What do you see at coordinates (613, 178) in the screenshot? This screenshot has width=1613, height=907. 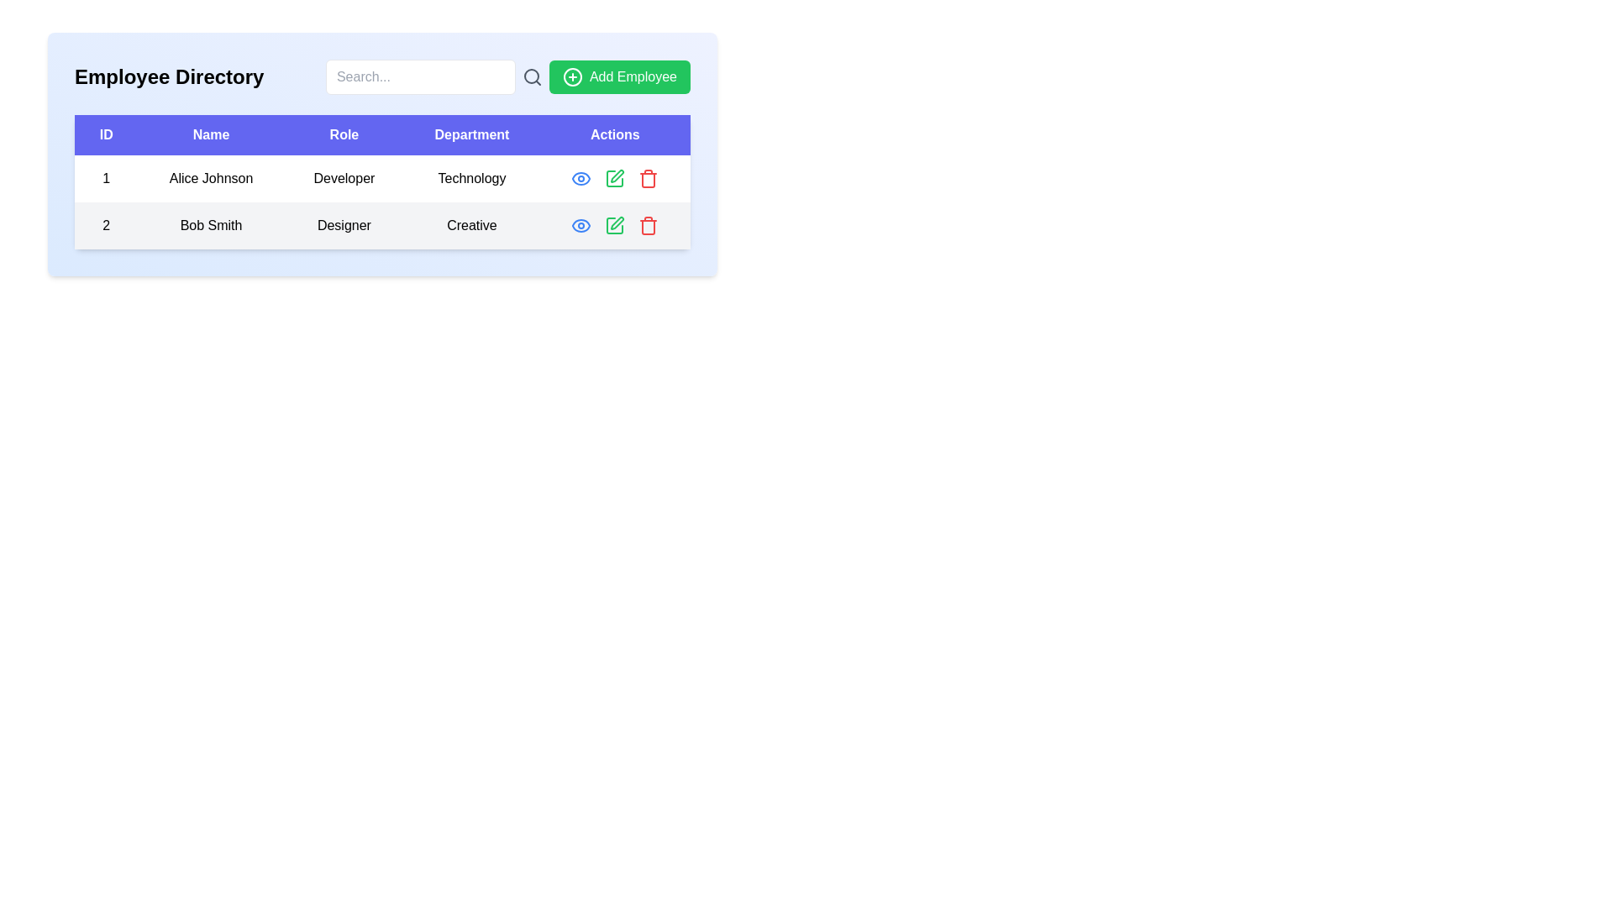 I see `the editing tool icon located in the 'Actions' column of the second row of the table to initiate the edit action` at bounding box center [613, 178].